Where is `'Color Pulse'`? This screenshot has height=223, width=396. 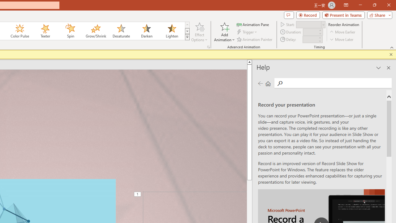
'Color Pulse' is located at coordinates (20, 31).